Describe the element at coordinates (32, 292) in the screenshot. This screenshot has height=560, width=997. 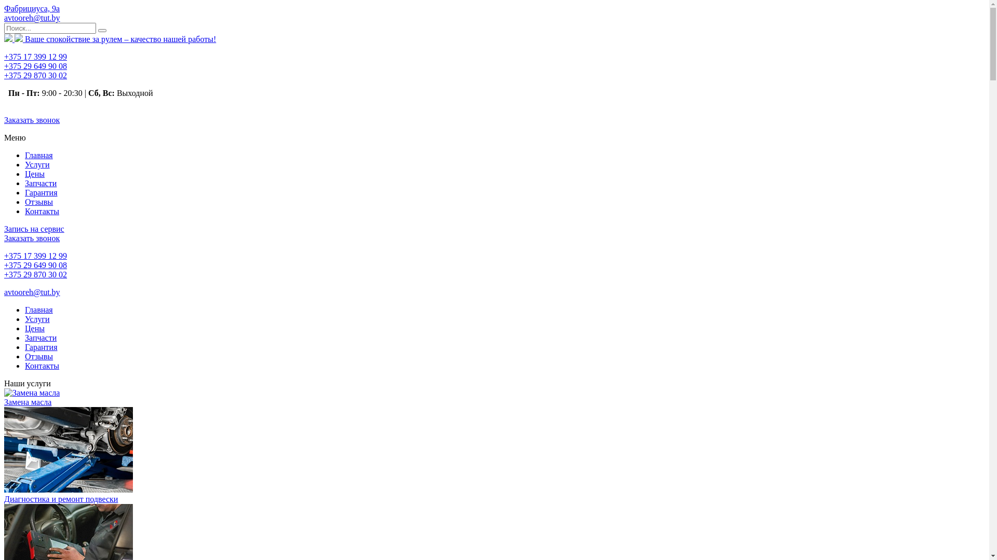
I see `'avtooreh@tut.by'` at that location.